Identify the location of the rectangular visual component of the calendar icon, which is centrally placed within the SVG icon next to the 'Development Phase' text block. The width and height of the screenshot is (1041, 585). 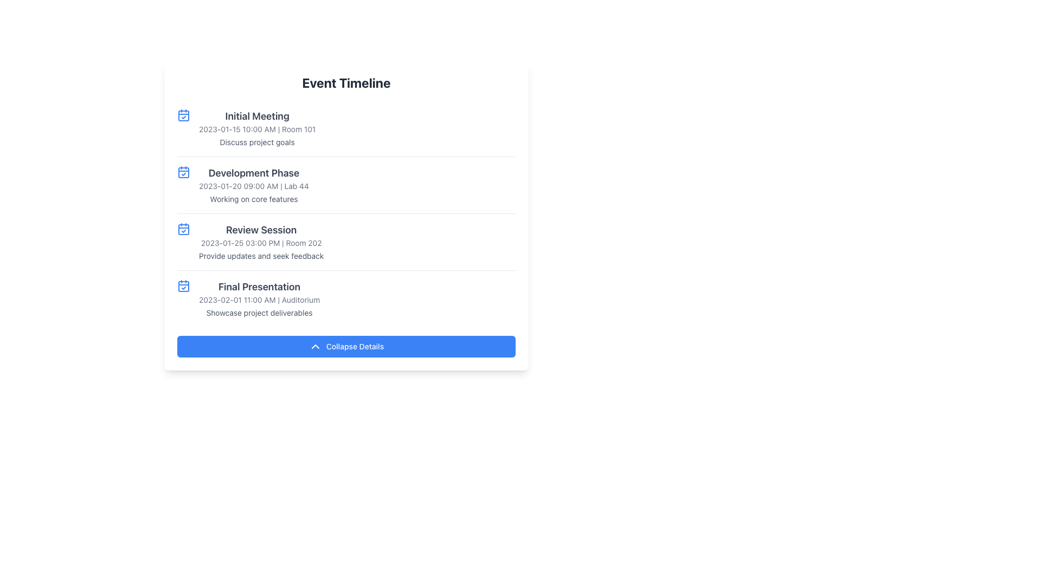
(184, 115).